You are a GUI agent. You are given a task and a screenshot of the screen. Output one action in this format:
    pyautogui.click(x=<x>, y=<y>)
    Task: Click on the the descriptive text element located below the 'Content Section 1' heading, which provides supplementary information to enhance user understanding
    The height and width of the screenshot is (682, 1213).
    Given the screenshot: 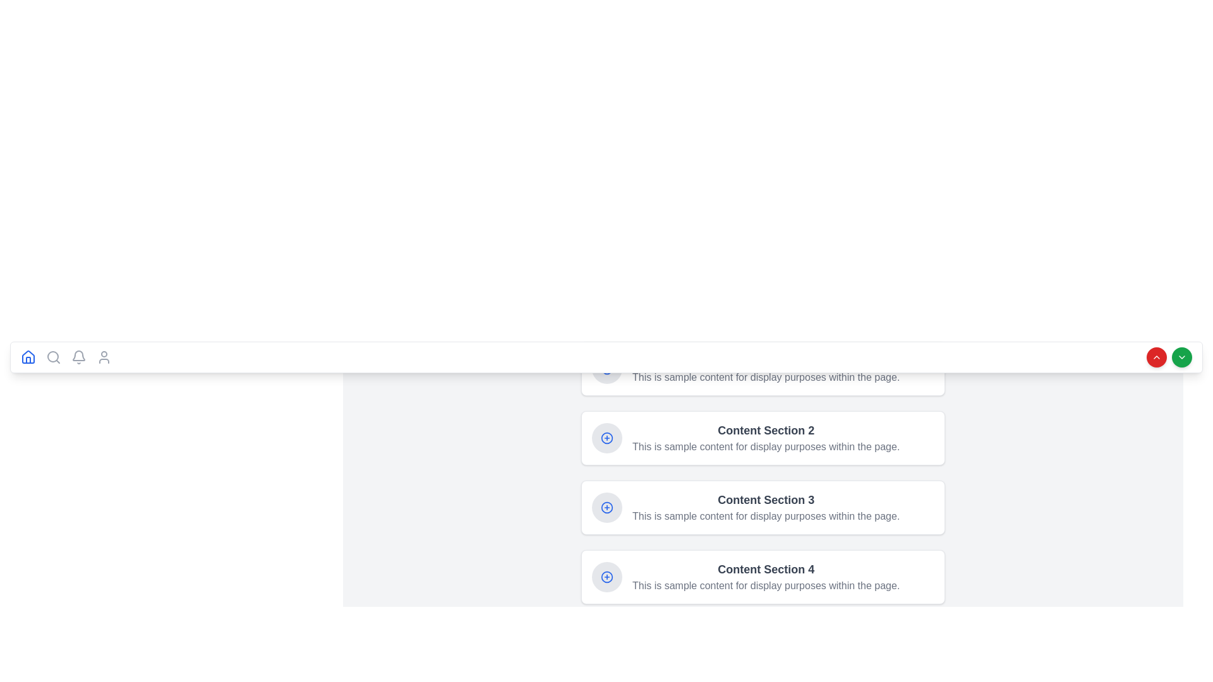 What is the action you would take?
    pyautogui.click(x=765, y=376)
    